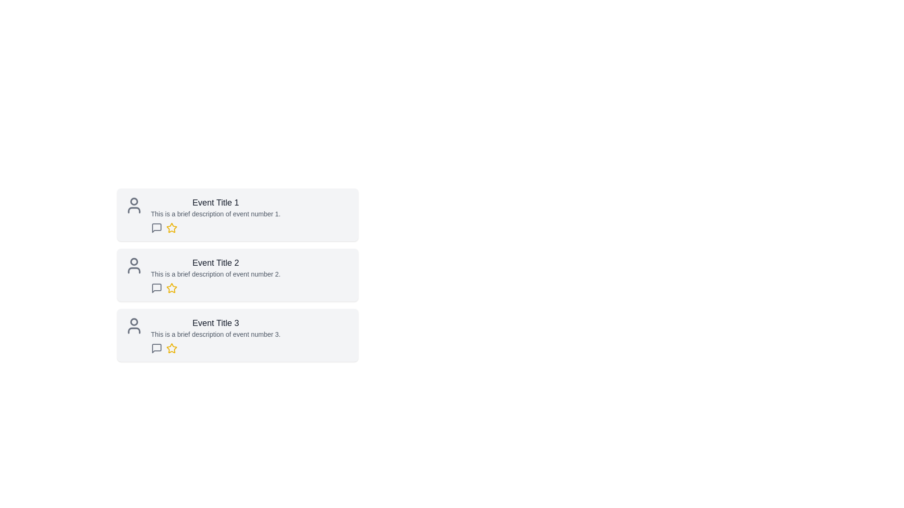  I want to click on the upper circular component of the user-avatar icon preceding the entry for 'Event Title 2' in the list, so click(133, 262).